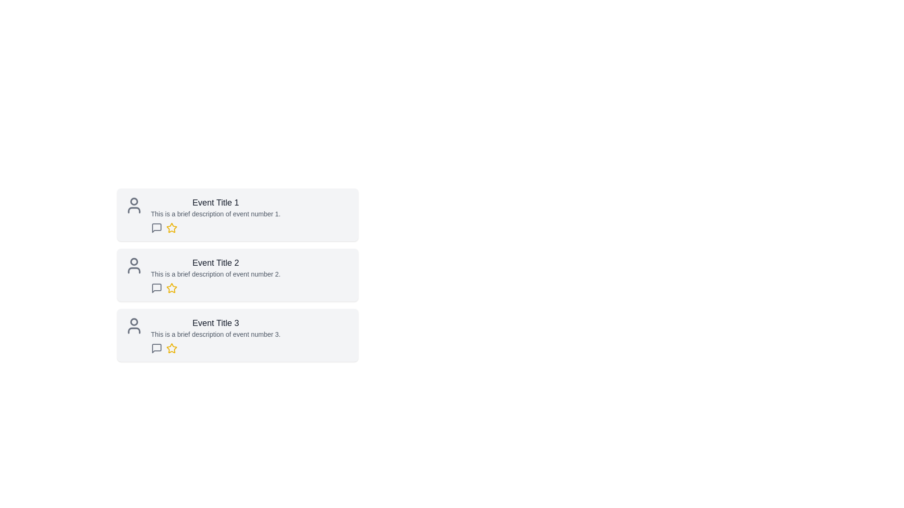  I want to click on the upper circular component of the user-avatar icon preceding the entry for 'Event Title 2' in the list, so click(133, 262).